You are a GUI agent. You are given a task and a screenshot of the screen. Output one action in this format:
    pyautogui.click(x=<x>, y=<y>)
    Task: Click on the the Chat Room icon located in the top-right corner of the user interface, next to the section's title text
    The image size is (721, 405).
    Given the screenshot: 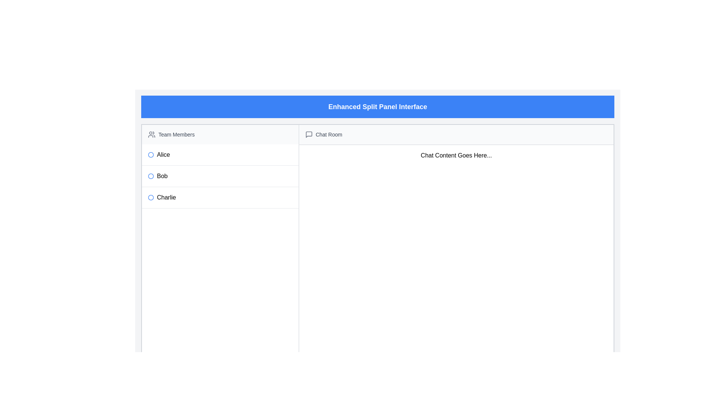 What is the action you would take?
    pyautogui.click(x=309, y=134)
    